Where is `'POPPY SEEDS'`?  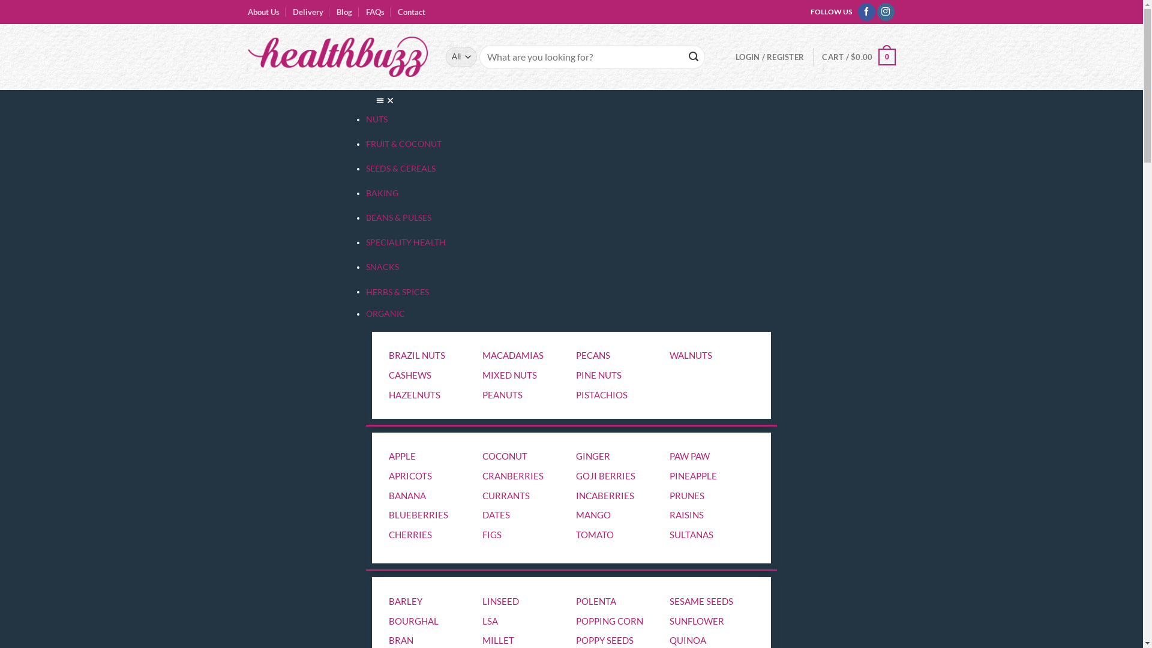 'POPPY SEEDS' is located at coordinates (605, 640).